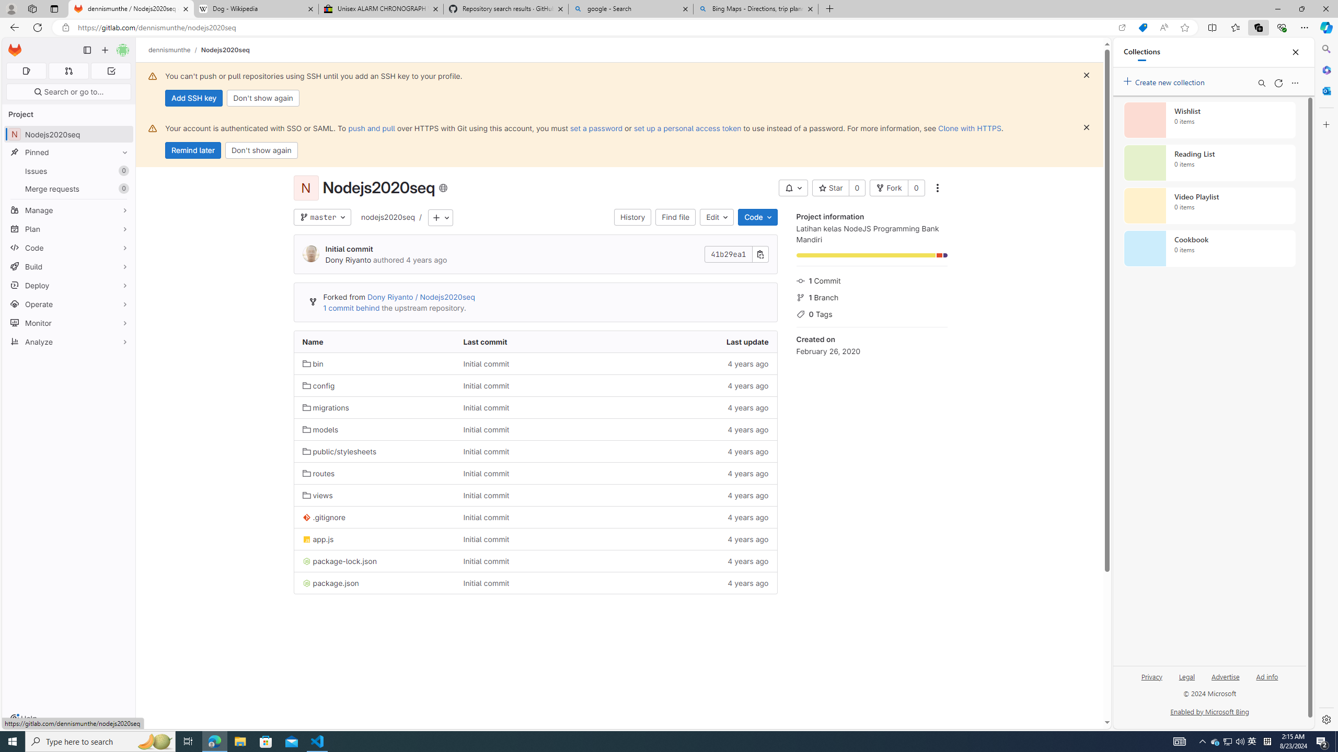  Describe the element at coordinates (1152, 676) in the screenshot. I see `'Privacy'` at that location.